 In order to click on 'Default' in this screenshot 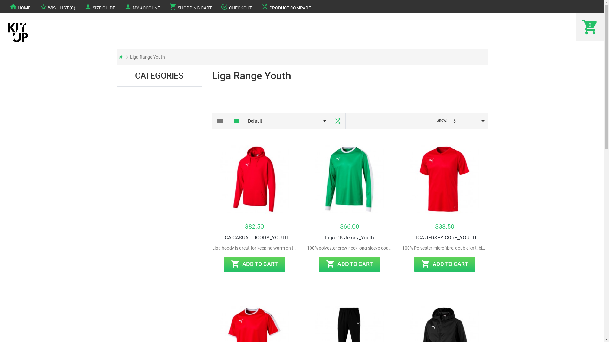, I will do `click(282, 121)`.